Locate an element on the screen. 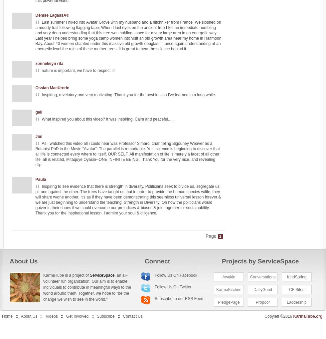 Image resolution: width=326 pixels, height=339 pixels. 'Inspiring, revelatory and very motivating. Thank you for the best lesson I've learned in a long while.' is located at coordinates (129, 95).